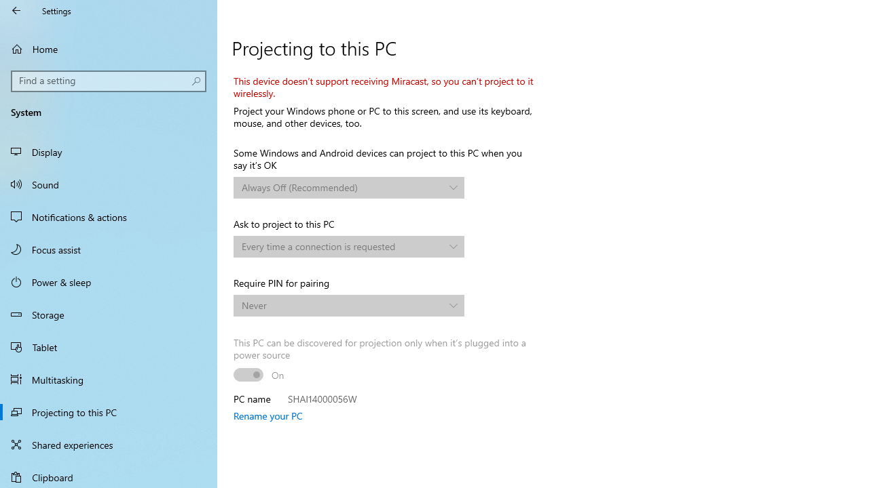  Describe the element at coordinates (109, 379) in the screenshot. I see `'Multitasking'` at that location.